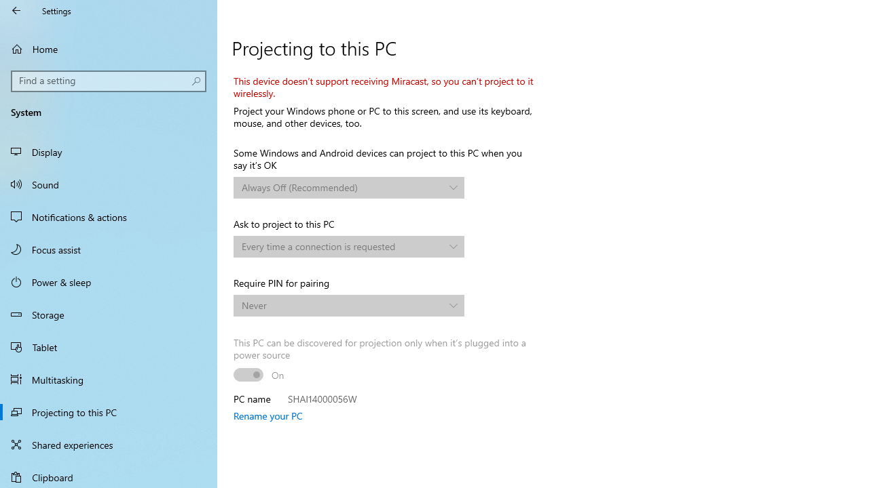  Describe the element at coordinates (109, 379) in the screenshot. I see `'Multitasking'` at that location.